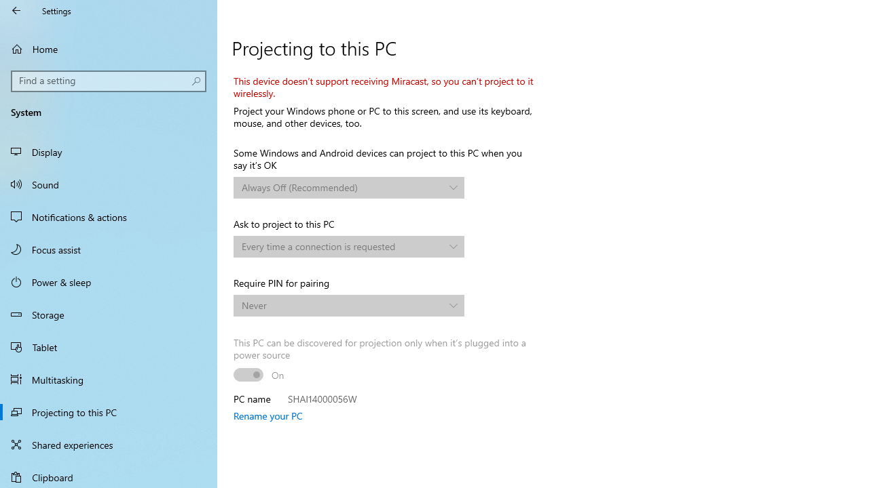  Describe the element at coordinates (109, 379) in the screenshot. I see `'Multitasking'` at that location.